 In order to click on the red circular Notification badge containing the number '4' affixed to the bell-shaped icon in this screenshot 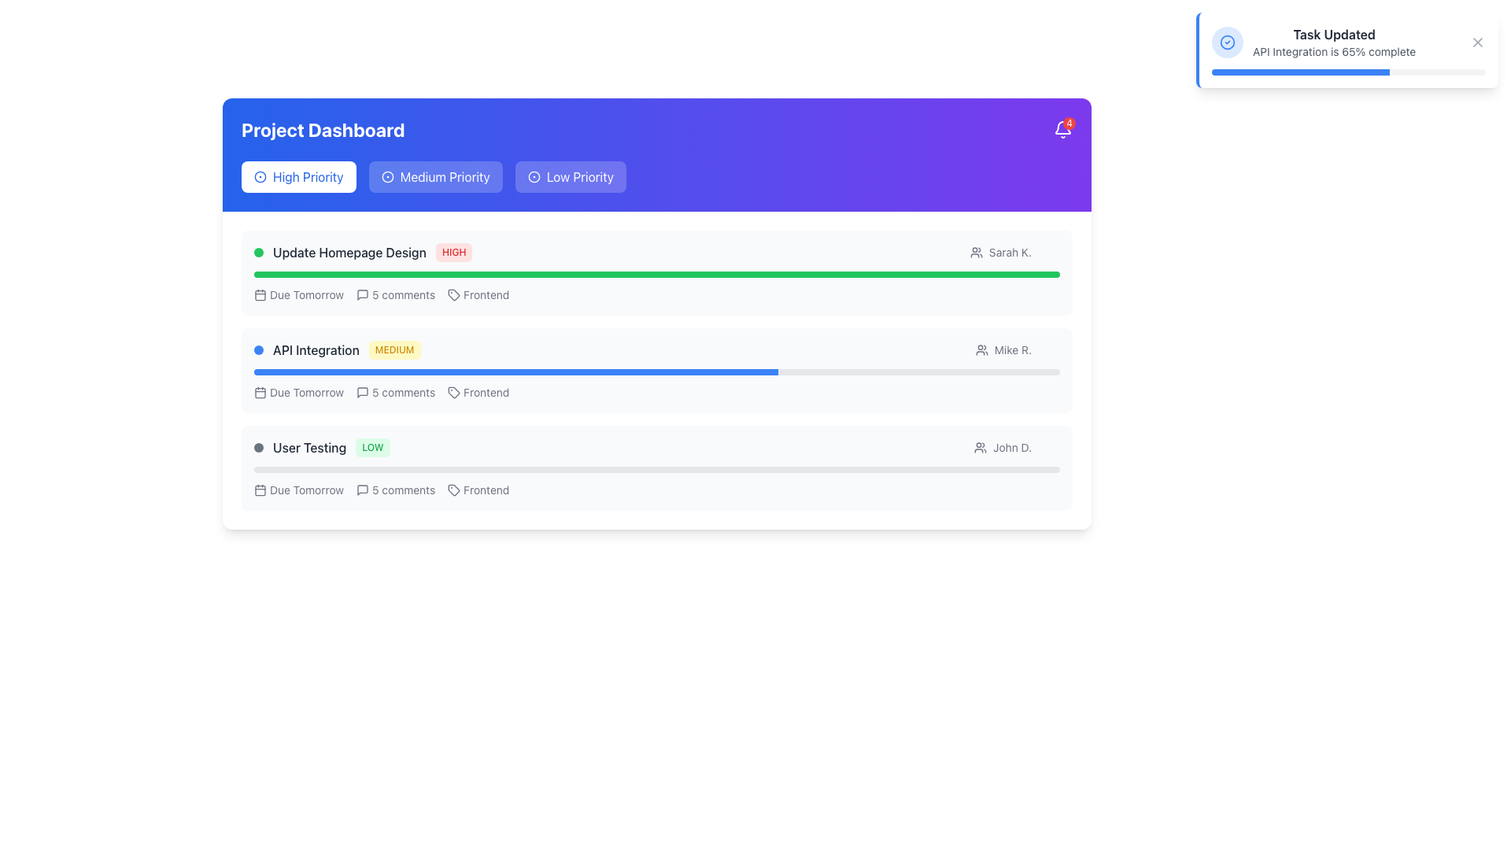, I will do `click(1062, 129)`.